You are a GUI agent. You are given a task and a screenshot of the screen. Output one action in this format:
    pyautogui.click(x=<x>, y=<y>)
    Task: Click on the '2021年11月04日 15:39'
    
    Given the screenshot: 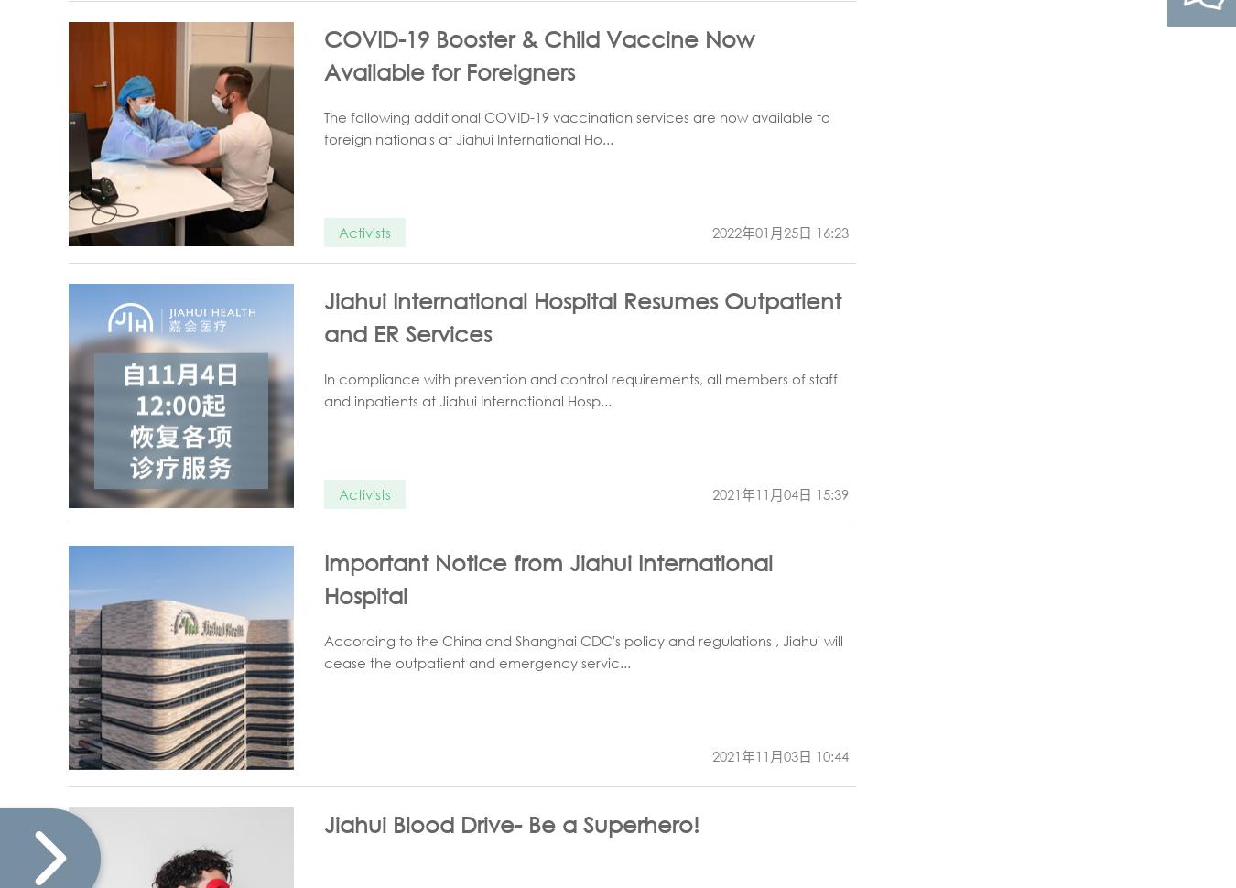 What is the action you would take?
    pyautogui.click(x=780, y=493)
    